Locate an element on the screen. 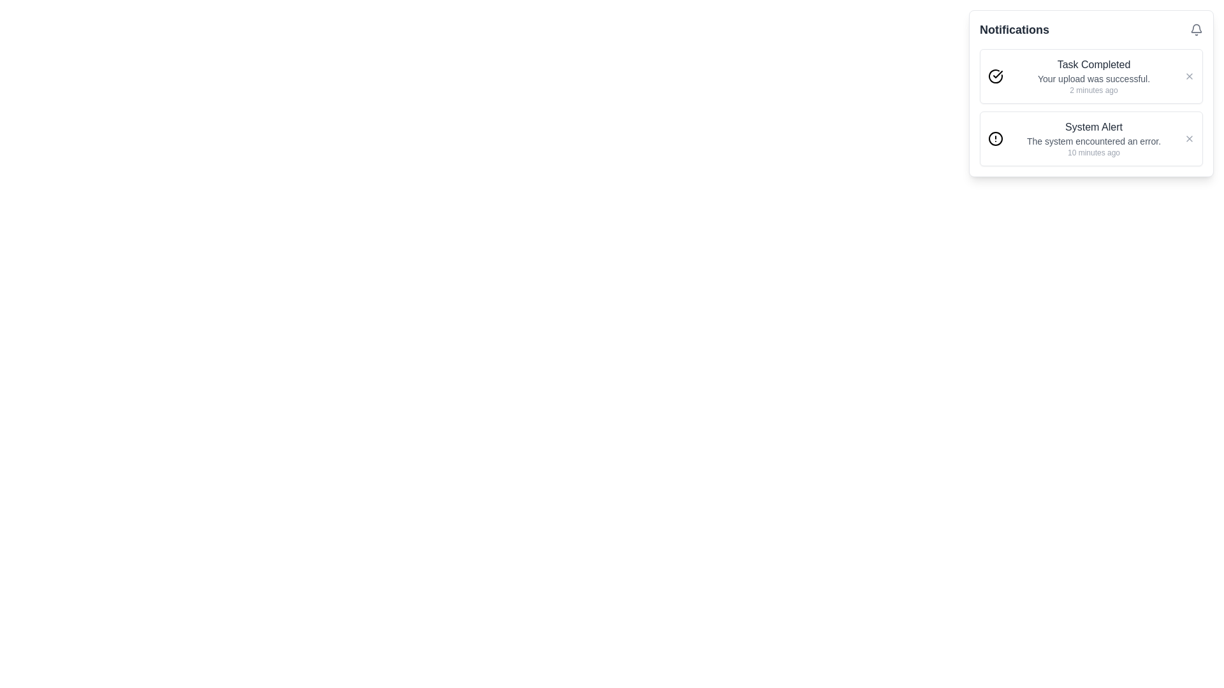  the close icon button located at the top-right corner of the notification card that dismisses the notification with the text 'Task Completed' is located at coordinates (1189, 76).